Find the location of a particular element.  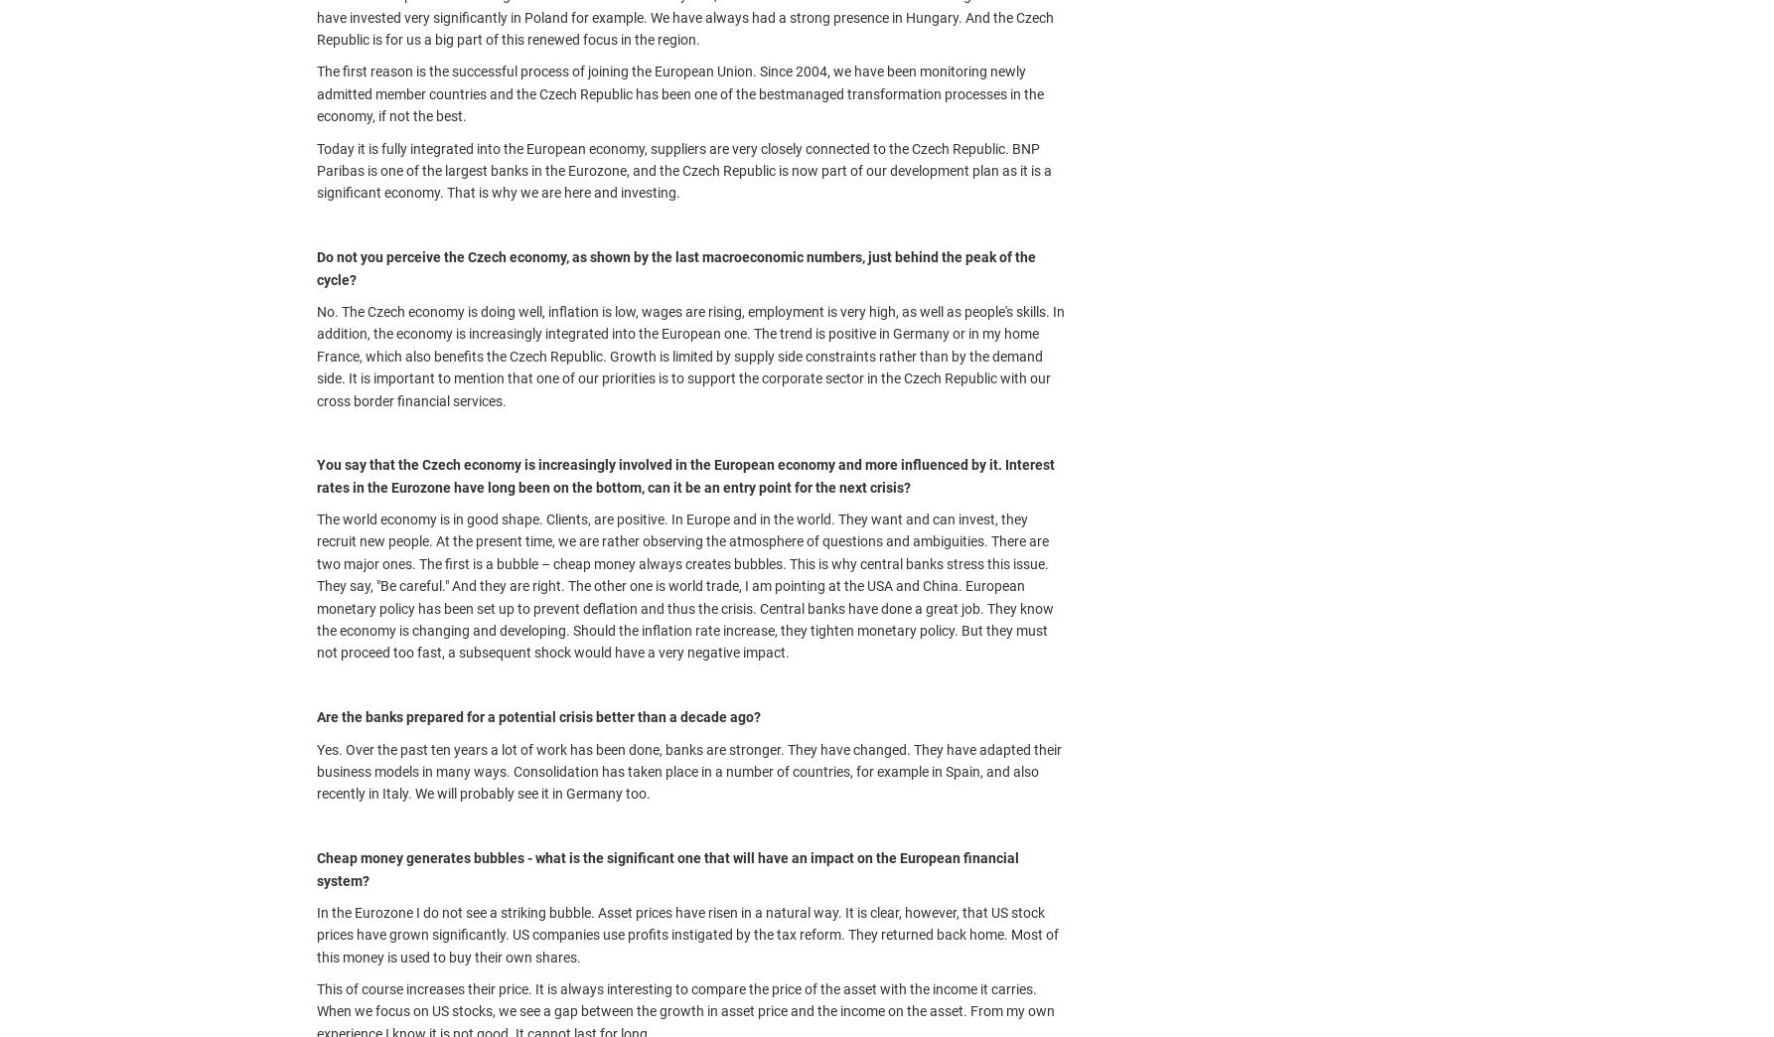

'The first reason is the successful process of joining the European Union. Since 2004, we have been monitoring newly admitted member countries and the Czech Republic has been one of the bestmanaged transformation processes in the economy, if not the best.' is located at coordinates (679, 93).